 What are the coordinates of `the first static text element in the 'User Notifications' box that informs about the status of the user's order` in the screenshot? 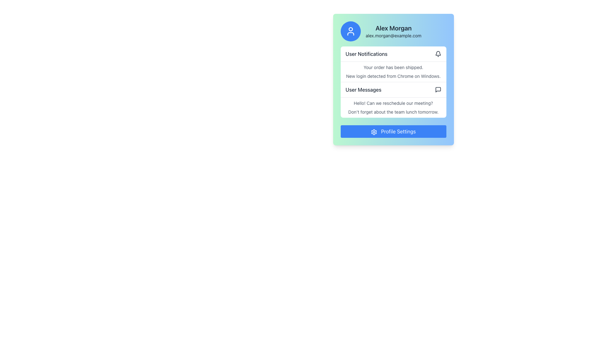 It's located at (393, 67).